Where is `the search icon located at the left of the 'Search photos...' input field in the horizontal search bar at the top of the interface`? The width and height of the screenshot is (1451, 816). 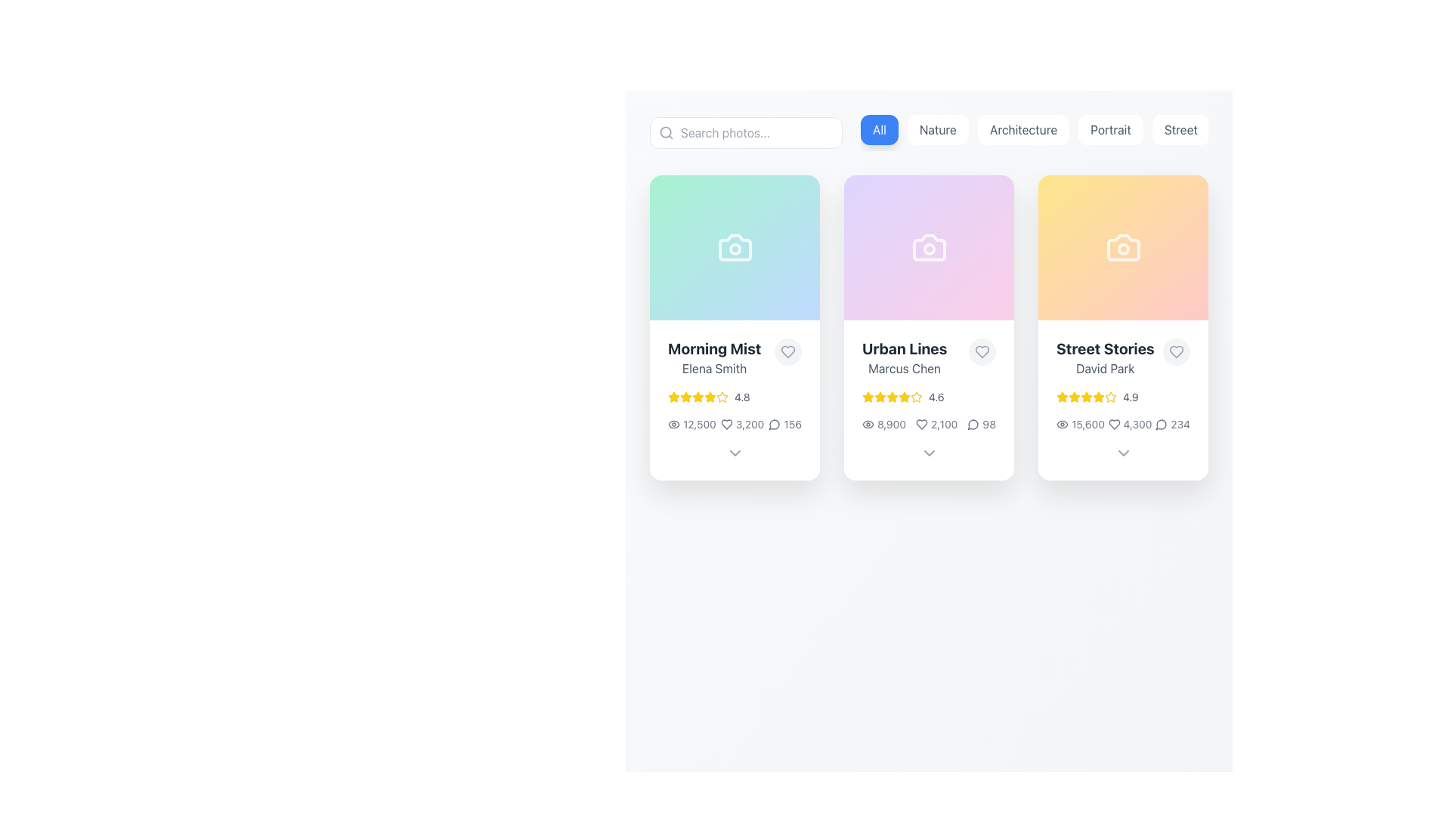 the search icon located at the left of the 'Search photos...' input field in the horizontal search bar at the top of the interface is located at coordinates (666, 132).